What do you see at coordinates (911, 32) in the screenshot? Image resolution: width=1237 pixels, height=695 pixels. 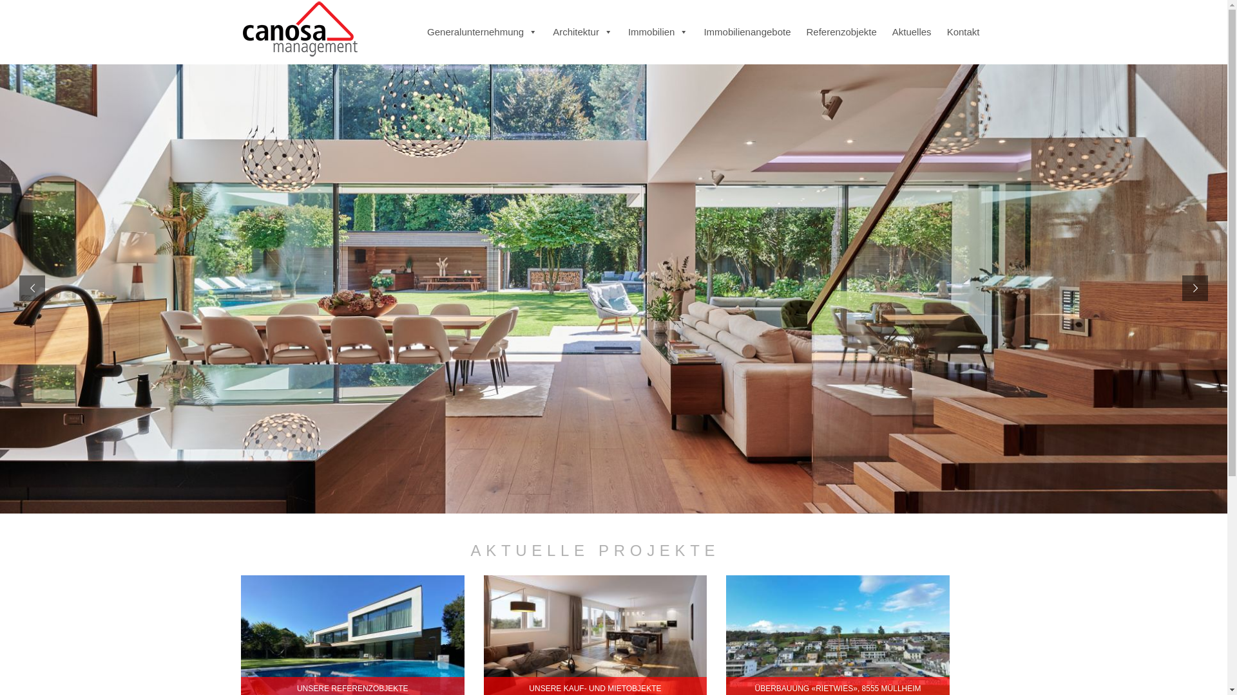 I see `'Aktuelles'` at bounding box center [911, 32].